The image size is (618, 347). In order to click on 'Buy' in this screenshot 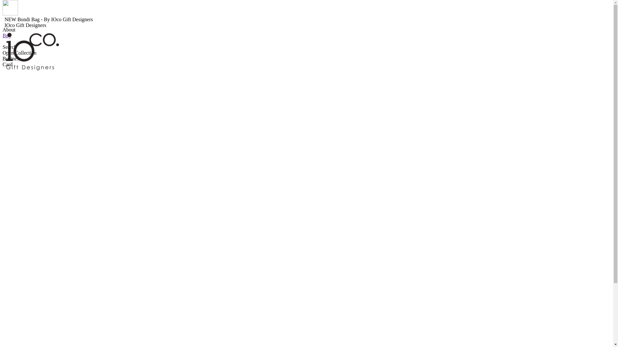, I will do `click(7, 35)`.